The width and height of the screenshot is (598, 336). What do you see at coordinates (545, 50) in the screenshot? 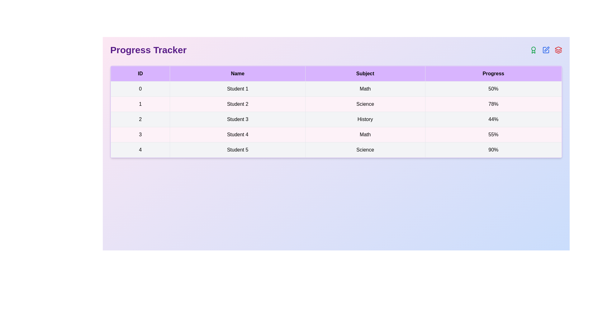
I see `the Edit icon in the header` at bounding box center [545, 50].